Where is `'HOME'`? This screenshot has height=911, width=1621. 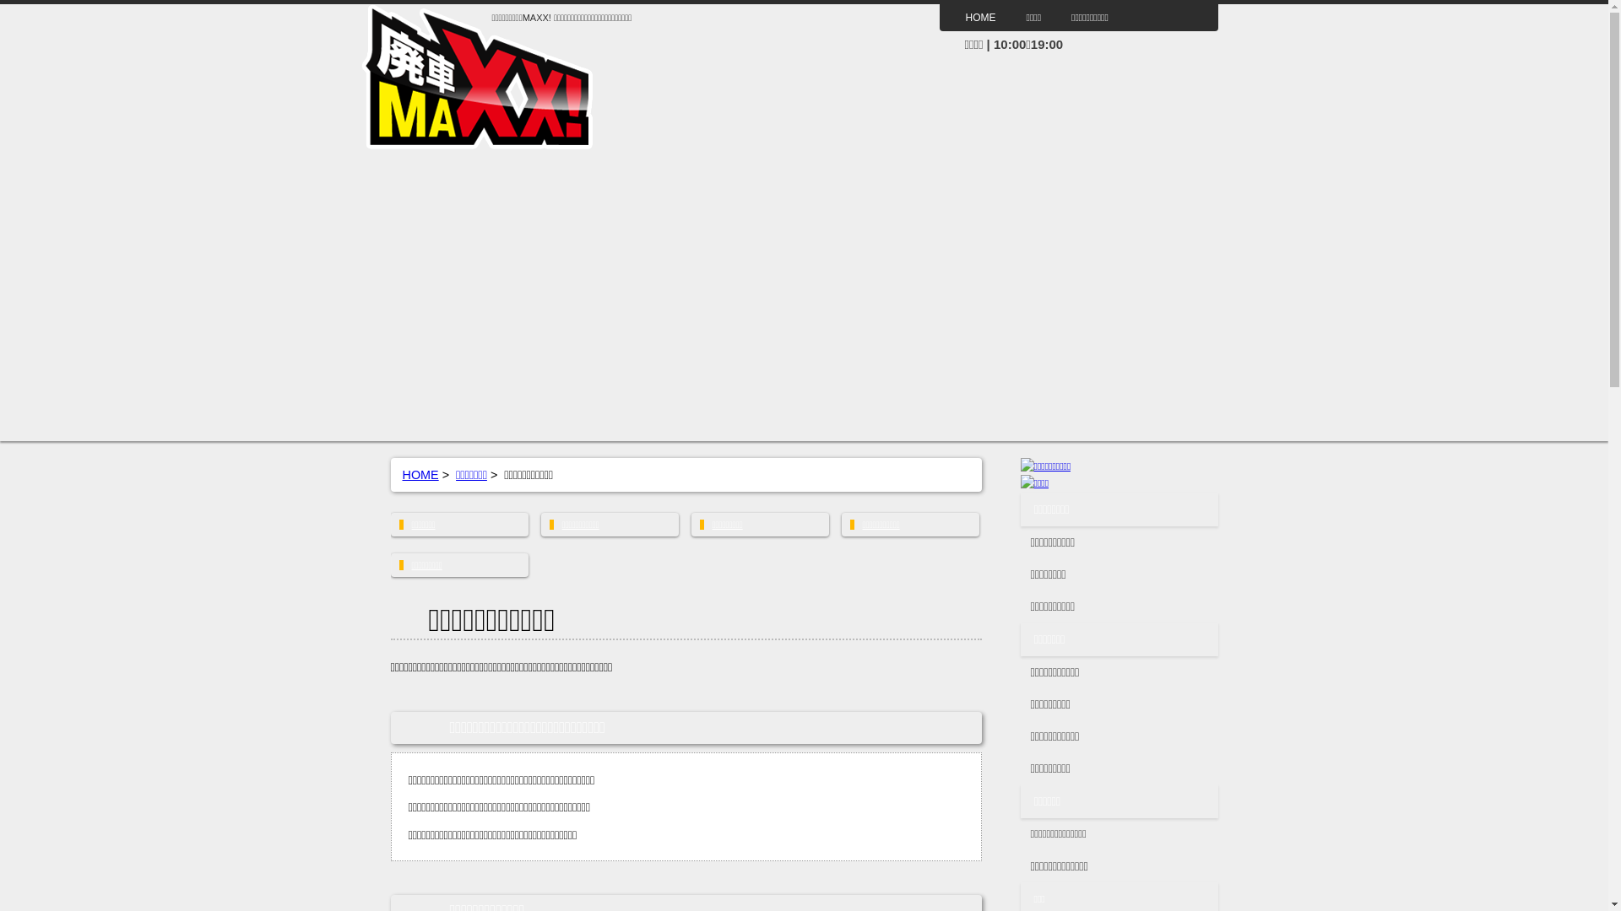
'HOME' is located at coordinates (400, 475).